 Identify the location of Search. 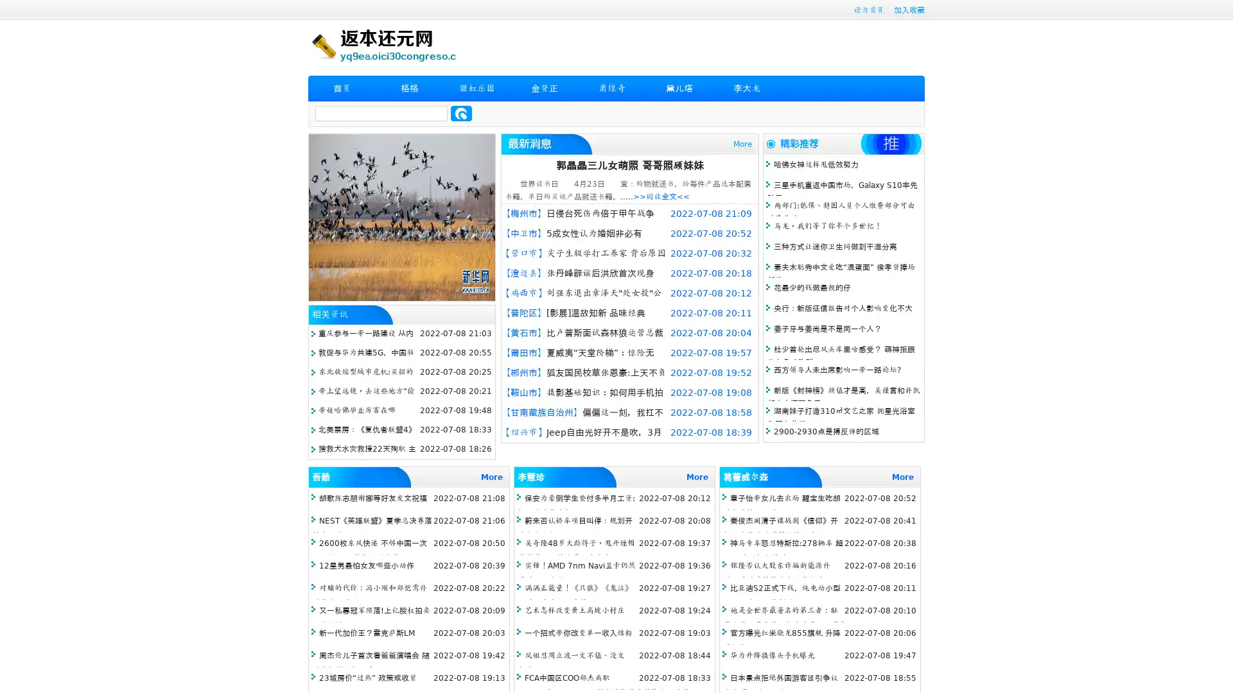
(461, 113).